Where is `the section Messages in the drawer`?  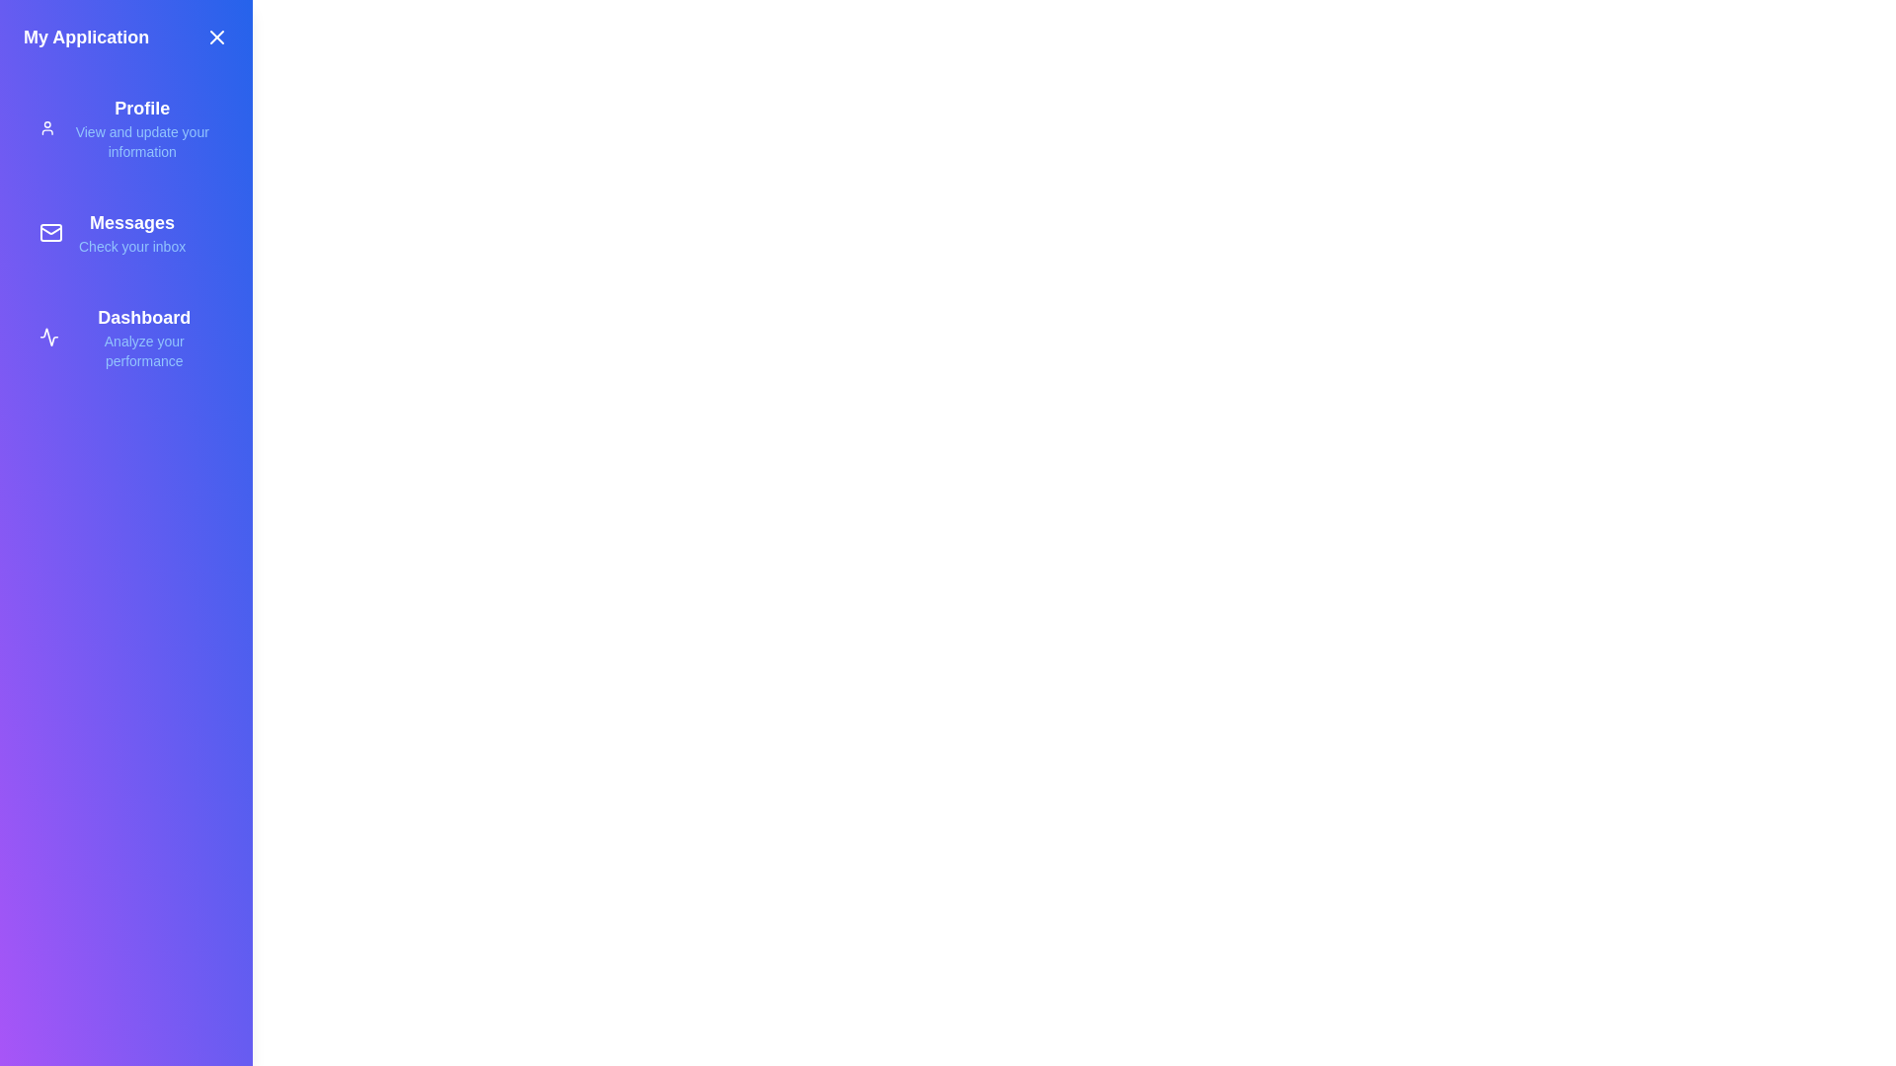
the section Messages in the drawer is located at coordinates (125, 231).